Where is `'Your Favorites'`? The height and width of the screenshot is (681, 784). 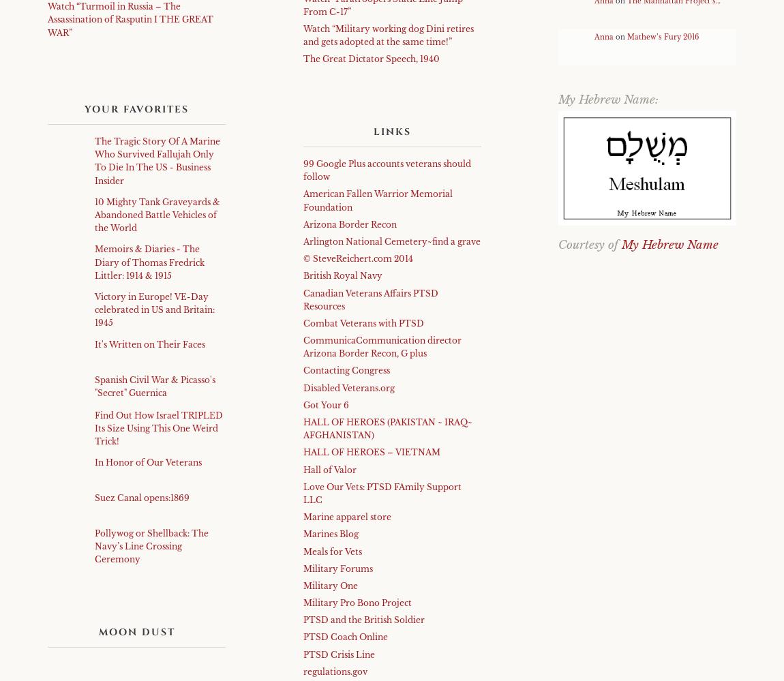
'Your Favorites' is located at coordinates (136, 108).